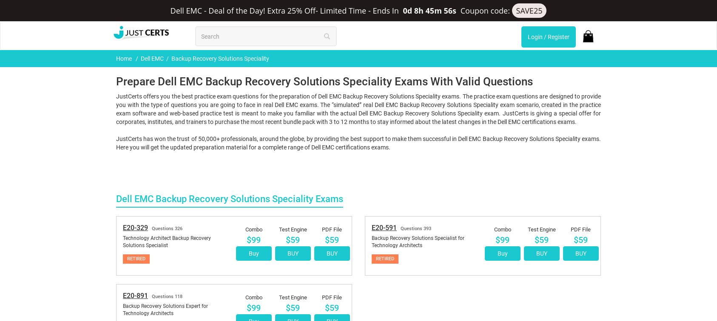 Image resolution: width=717 pixels, height=321 pixels. What do you see at coordinates (135, 185) in the screenshot?
I see `'E20-891'` at bounding box center [135, 185].